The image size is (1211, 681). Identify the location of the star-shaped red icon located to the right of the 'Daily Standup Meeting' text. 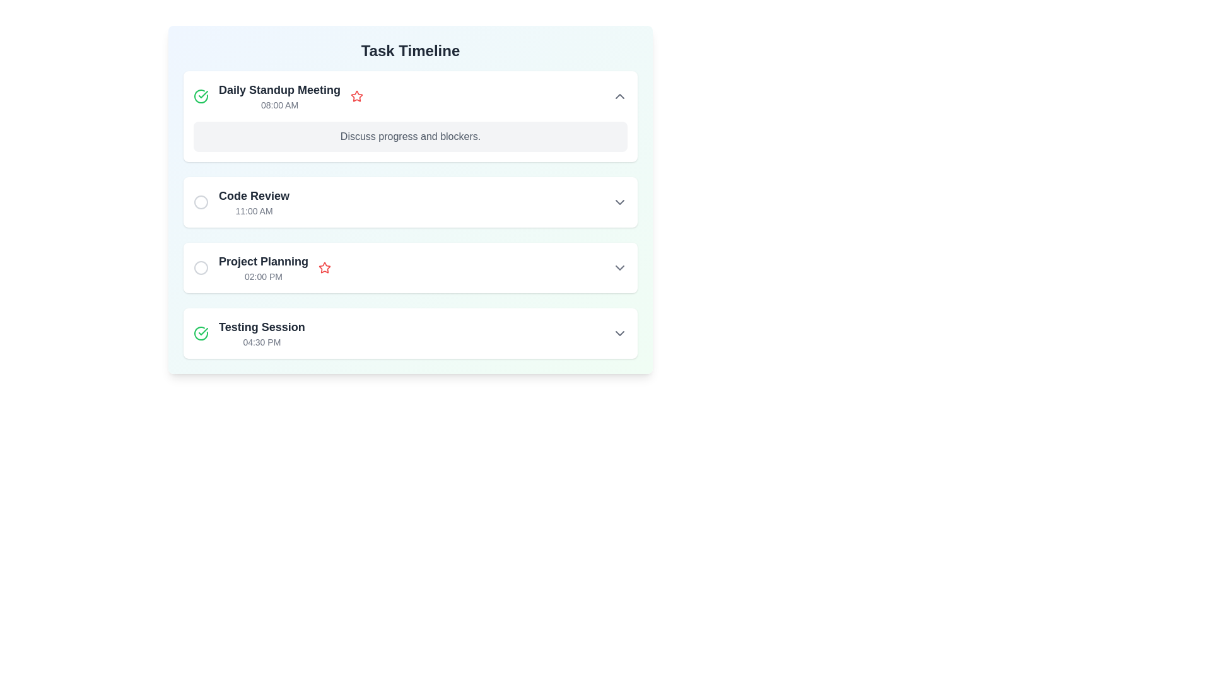
(356, 96).